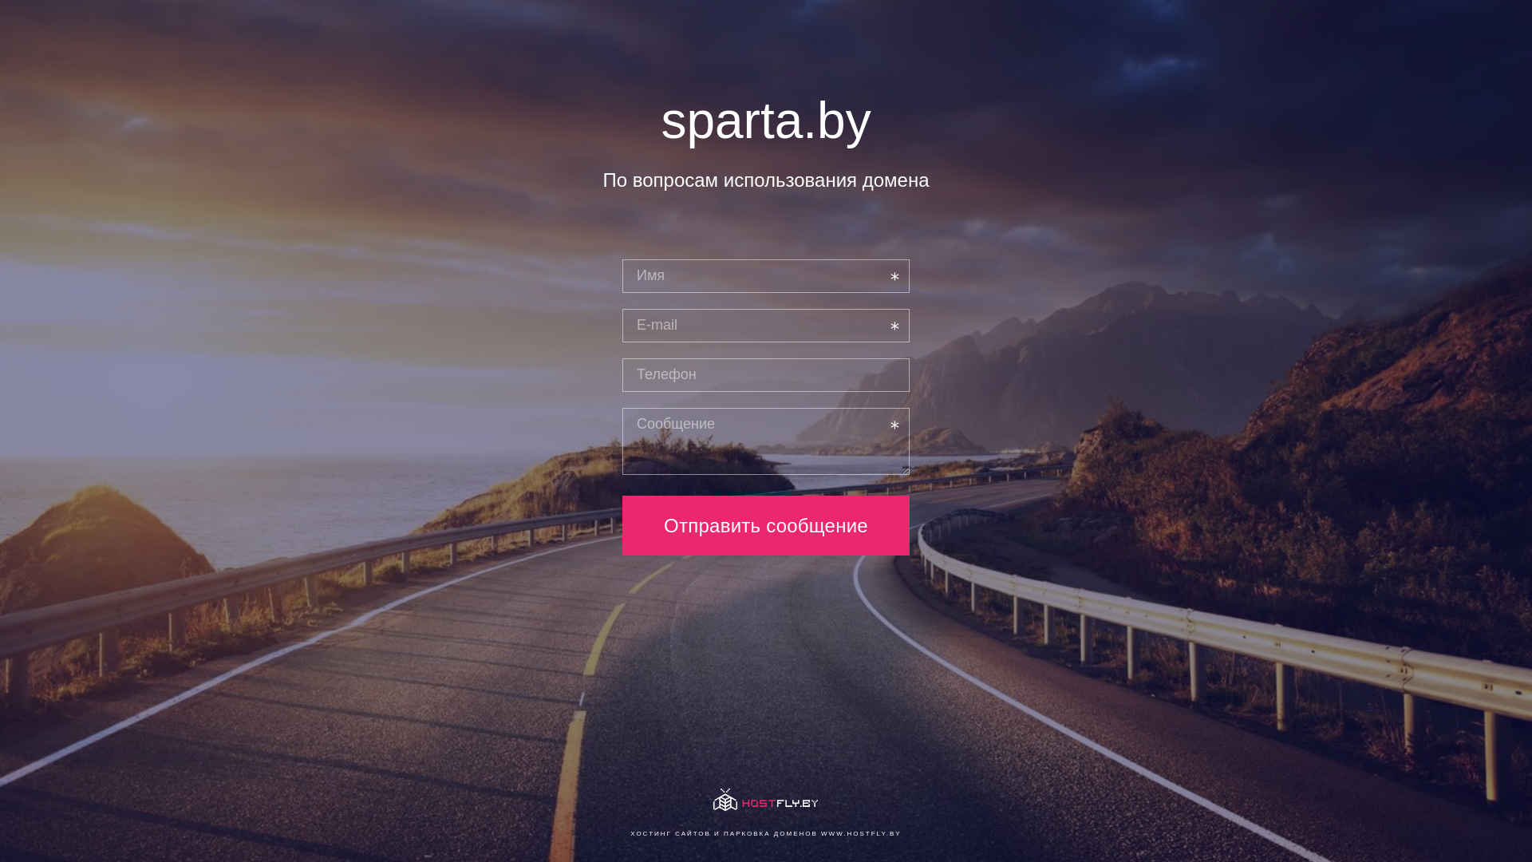 Image resolution: width=1532 pixels, height=862 pixels. What do you see at coordinates (860, 832) in the screenshot?
I see `'WWW.HOSTFLY.BY'` at bounding box center [860, 832].